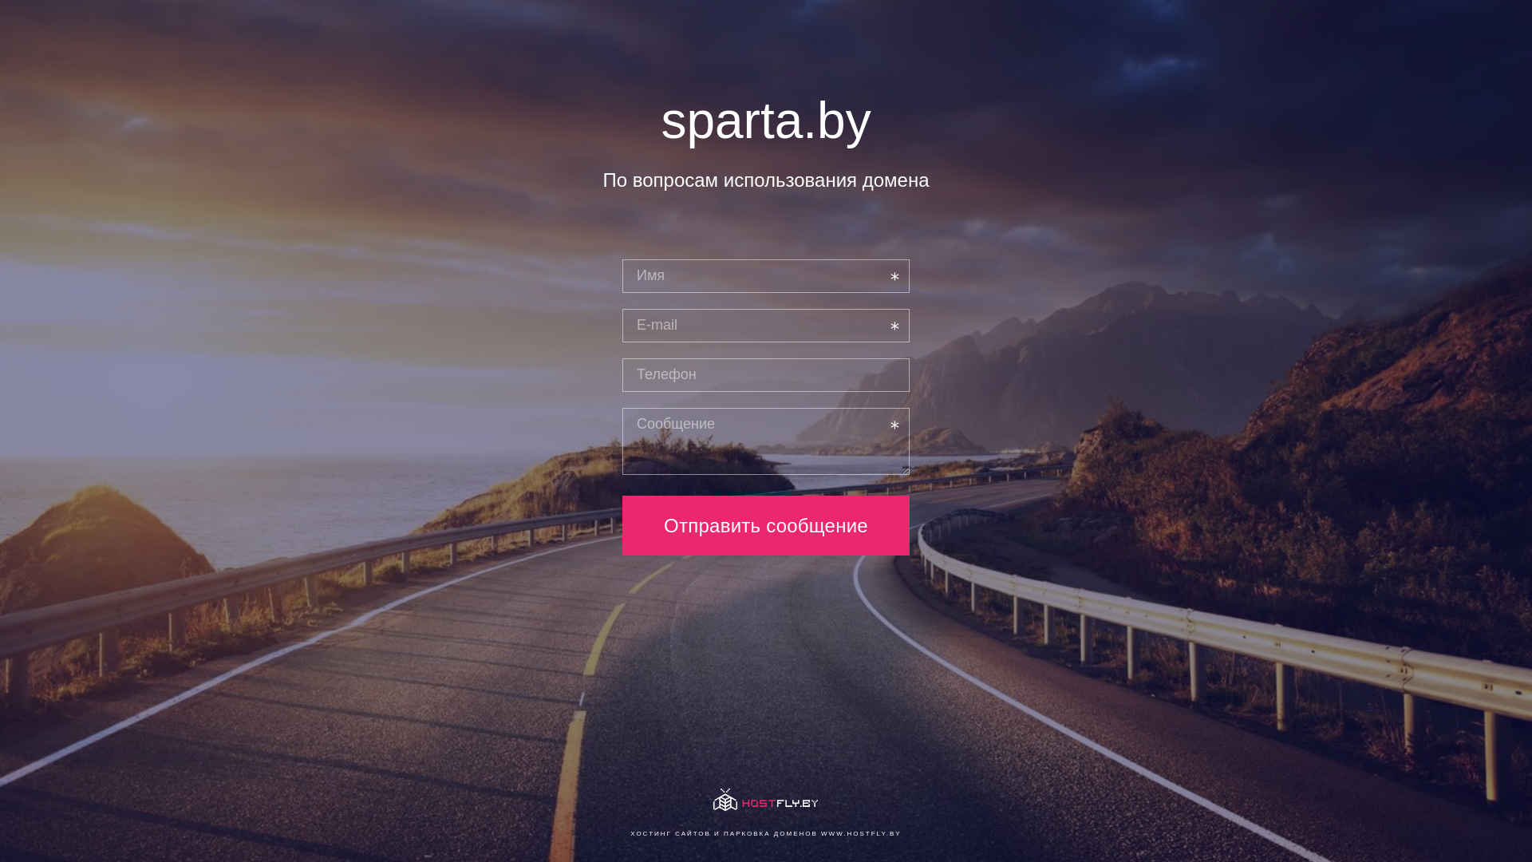 Image resolution: width=1532 pixels, height=862 pixels. What do you see at coordinates (860, 832) in the screenshot?
I see `'WWW.HOSTFLY.BY'` at bounding box center [860, 832].